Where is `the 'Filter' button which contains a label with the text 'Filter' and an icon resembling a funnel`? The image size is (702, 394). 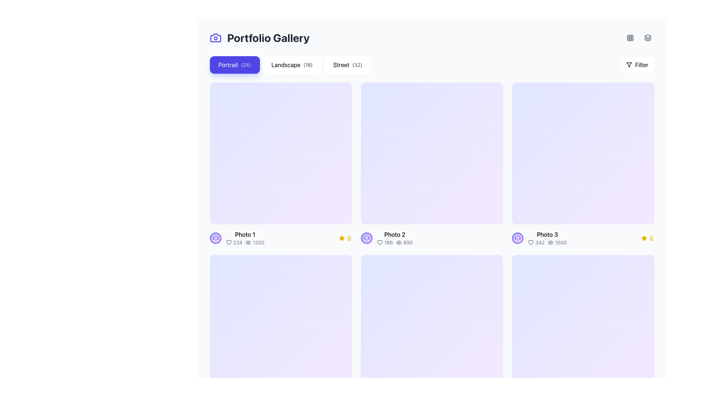
the 'Filter' button which contains a label with the text 'Filter' and an icon resembling a funnel is located at coordinates (641, 64).